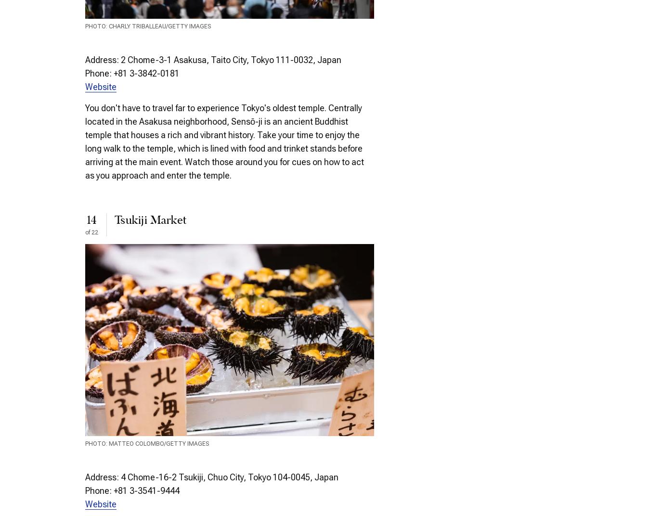  Describe the element at coordinates (211, 477) in the screenshot. I see `'Address: 4 Chome-16-2 Tsukiji, Chuo City, Tokyo 104-0045, Japan'` at that location.